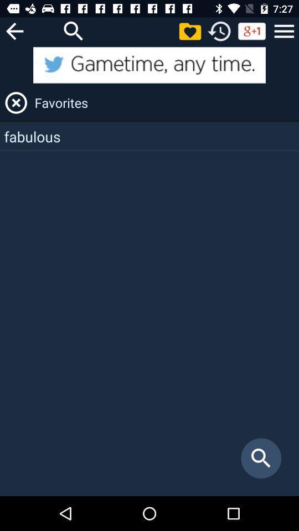 The image size is (299, 531). Describe the element at coordinates (149, 136) in the screenshot. I see `fabulous app` at that location.